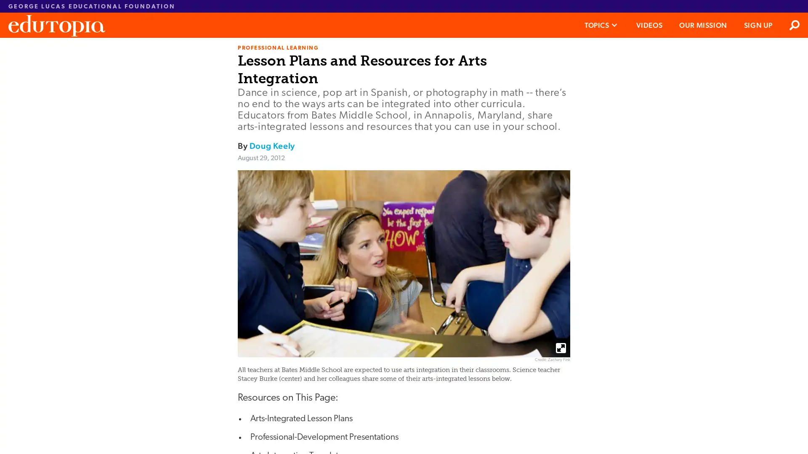 Image resolution: width=808 pixels, height=454 pixels. What do you see at coordinates (340, 218) in the screenshot?
I see `Let's get started` at bounding box center [340, 218].